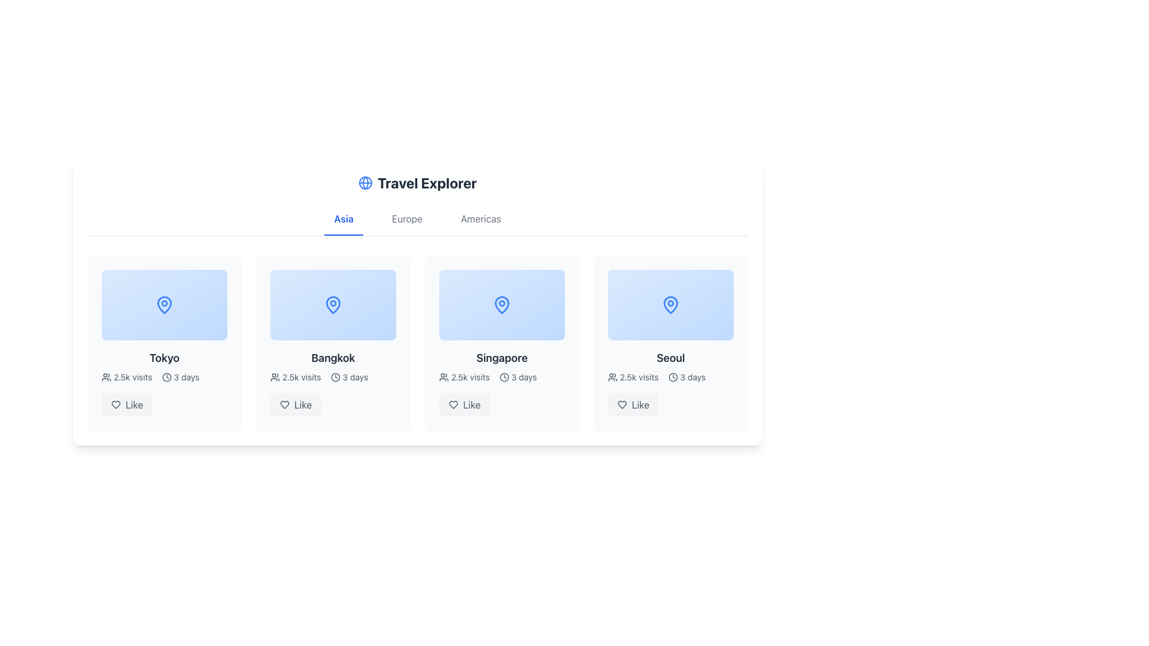 This screenshot has width=1149, height=646. What do you see at coordinates (417, 182) in the screenshot?
I see `the Text with icon label that represents the title and branding of the application, located horizontally centered near the top of the main content area, directly above the navigation links` at bounding box center [417, 182].